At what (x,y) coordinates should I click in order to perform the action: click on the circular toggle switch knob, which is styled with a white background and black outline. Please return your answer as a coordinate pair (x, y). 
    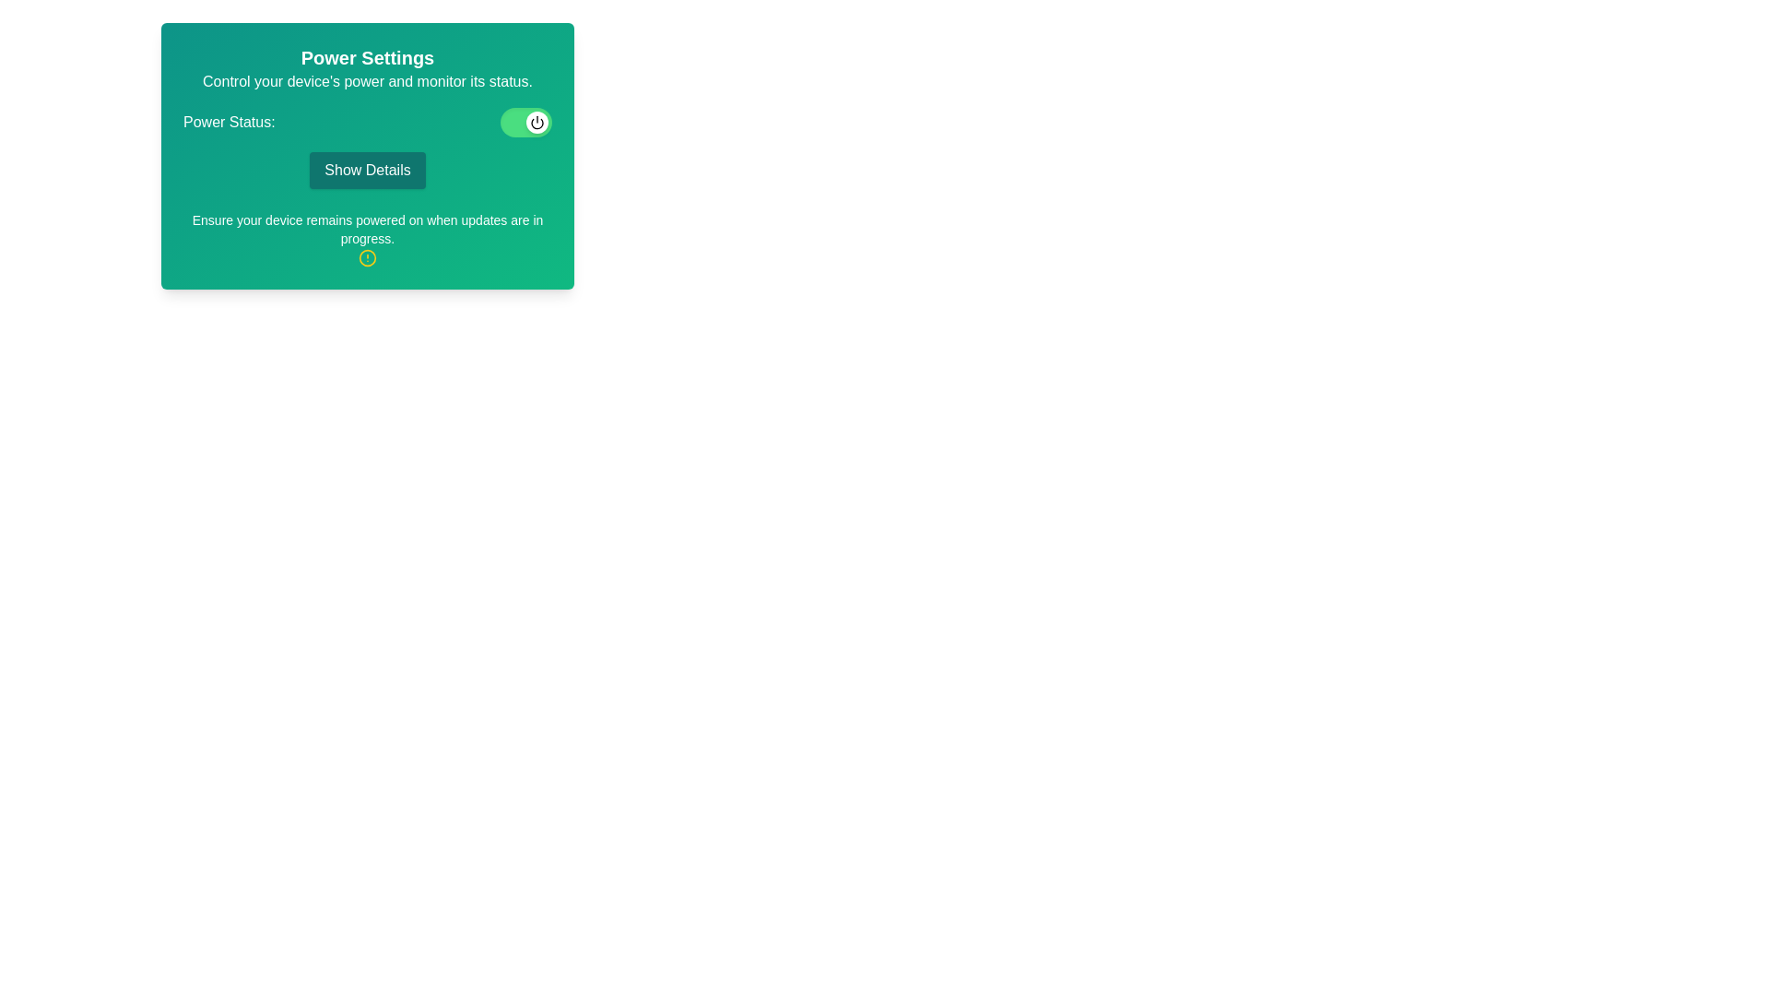
    Looking at the image, I should click on (536, 122).